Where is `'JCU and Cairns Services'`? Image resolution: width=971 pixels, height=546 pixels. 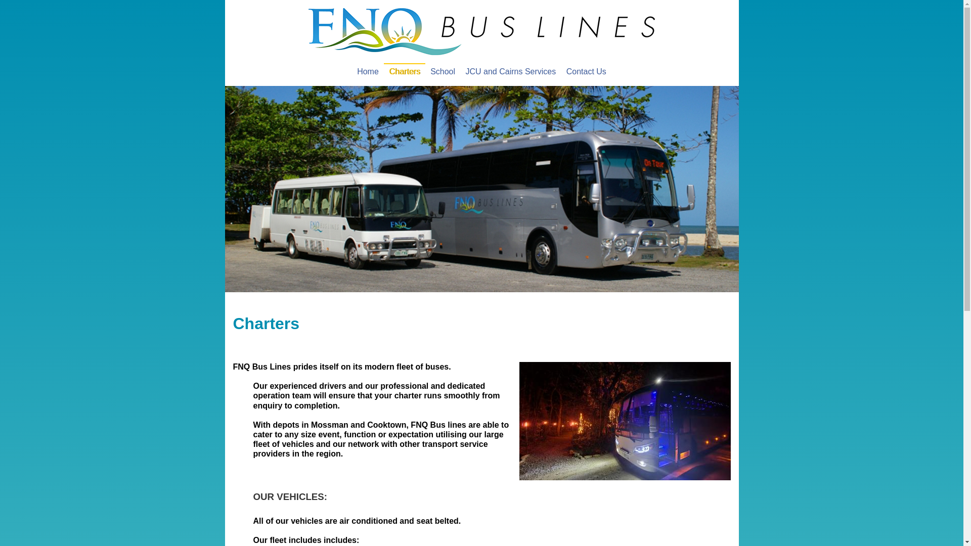
'JCU and Cairns Services' is located at coordinates (510, 71).